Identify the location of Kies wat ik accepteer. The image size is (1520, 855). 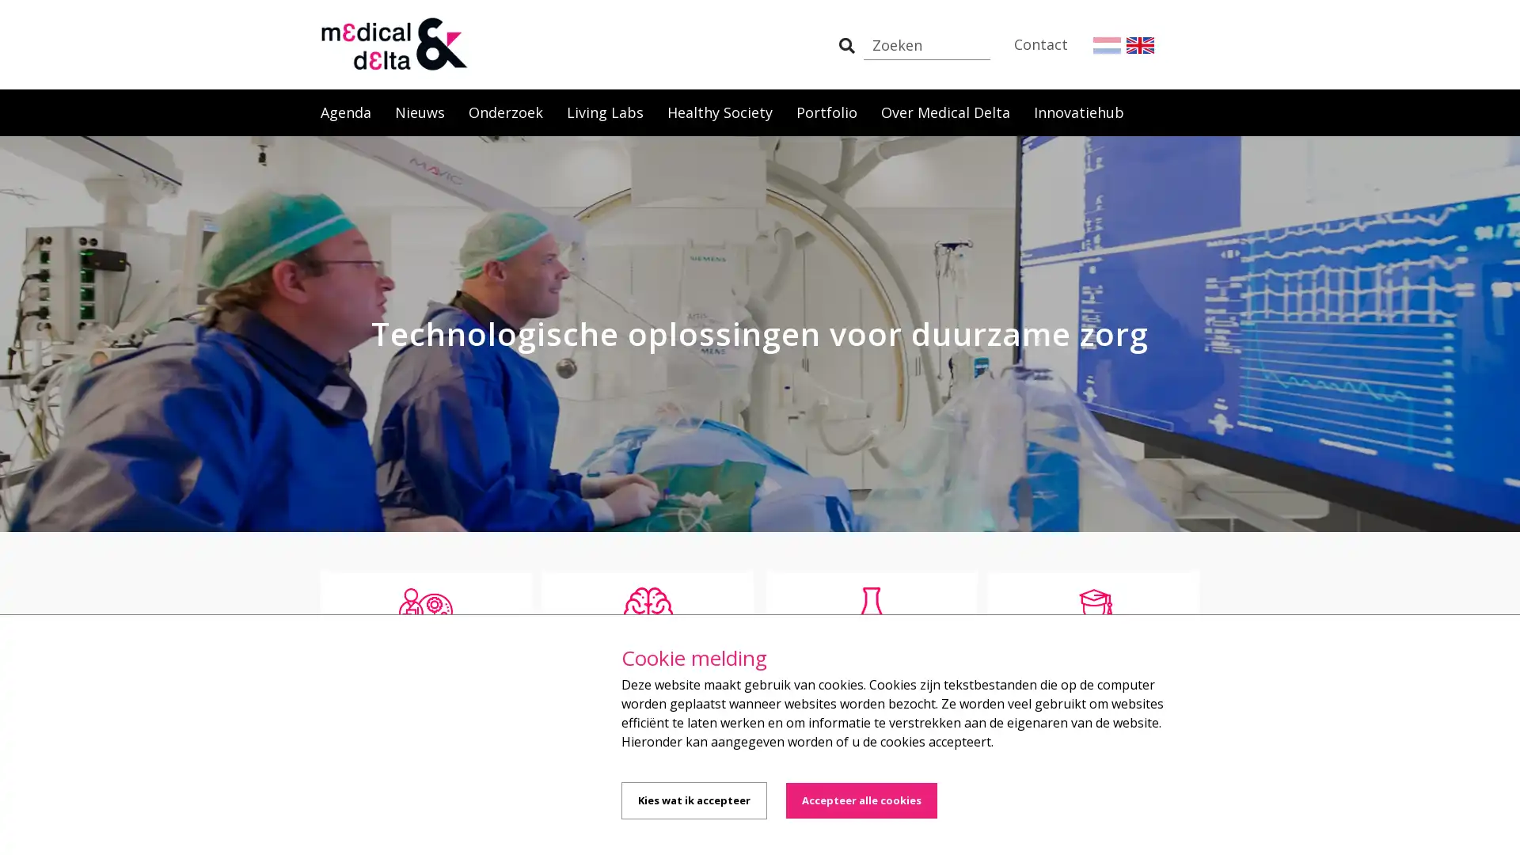
(694, 800).